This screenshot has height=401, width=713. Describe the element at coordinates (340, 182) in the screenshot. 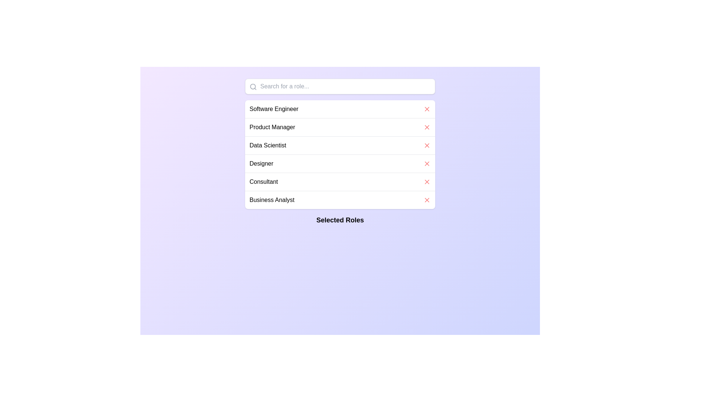

I see `the content of the selectable list item labeled 'Consultant', which is the fifth item in a vertical list` at that location.